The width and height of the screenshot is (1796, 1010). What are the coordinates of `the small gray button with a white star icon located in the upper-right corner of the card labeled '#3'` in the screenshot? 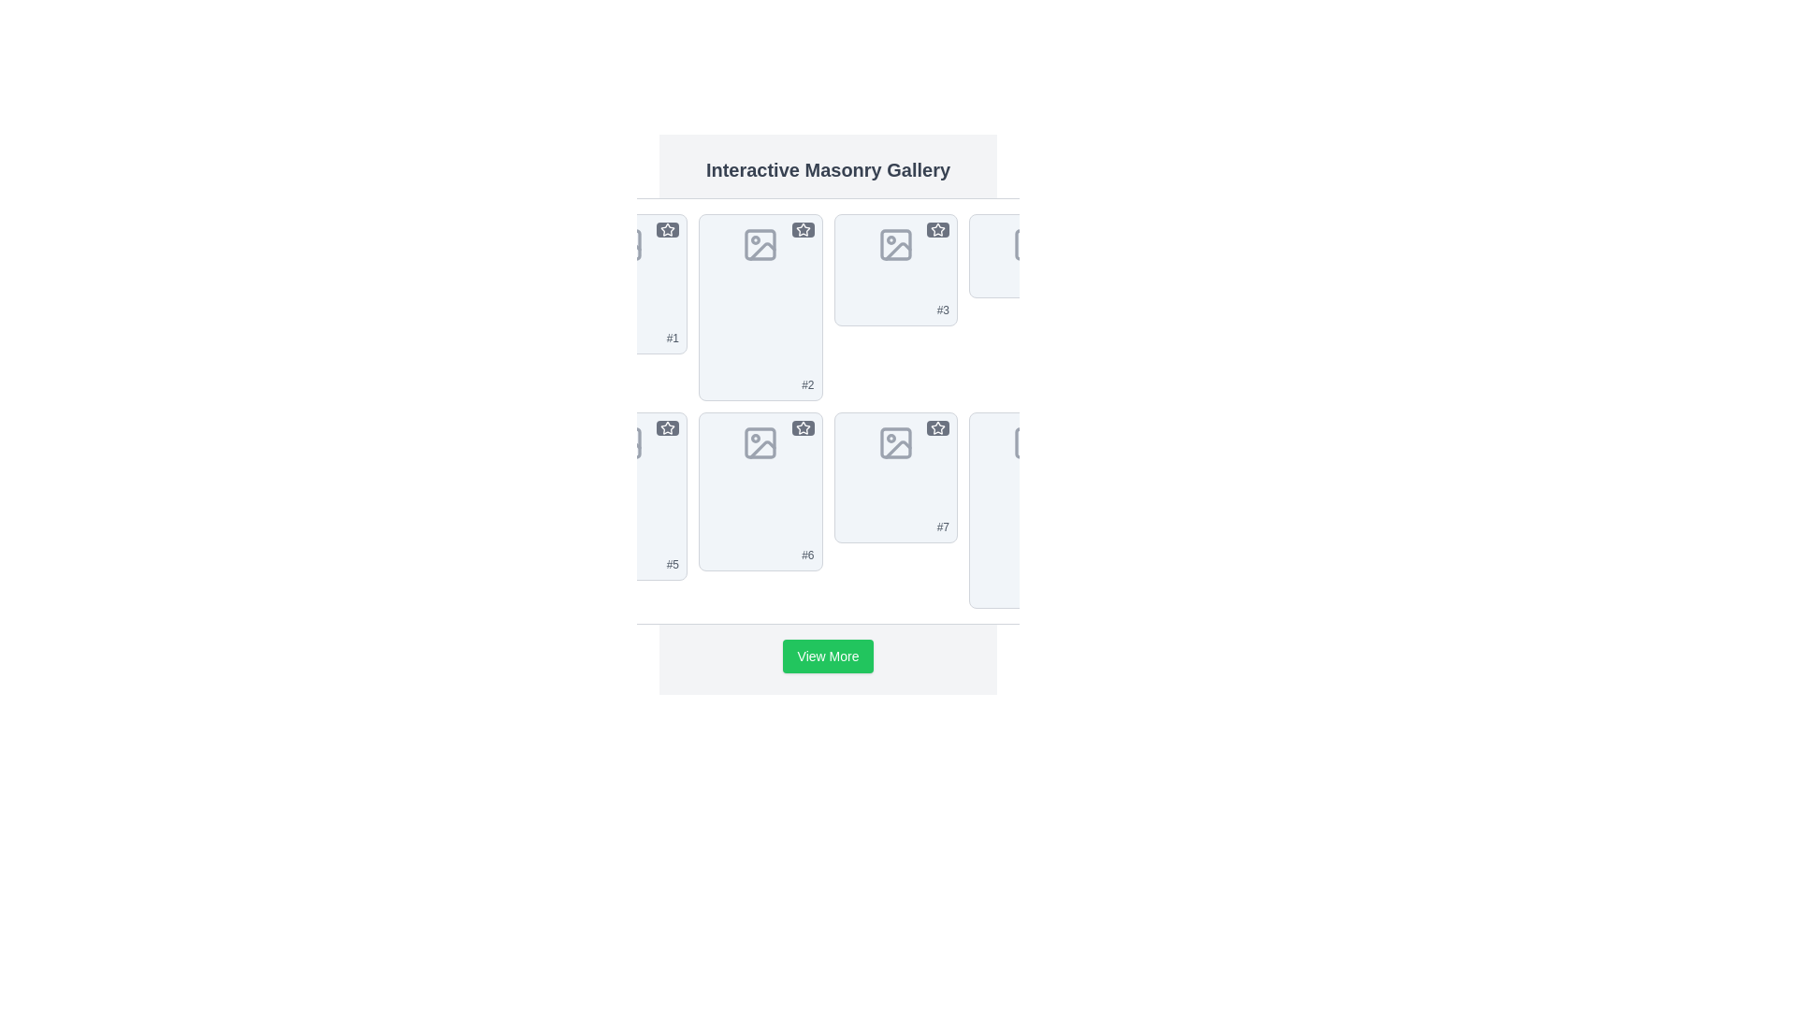 It's located at (938, 229).